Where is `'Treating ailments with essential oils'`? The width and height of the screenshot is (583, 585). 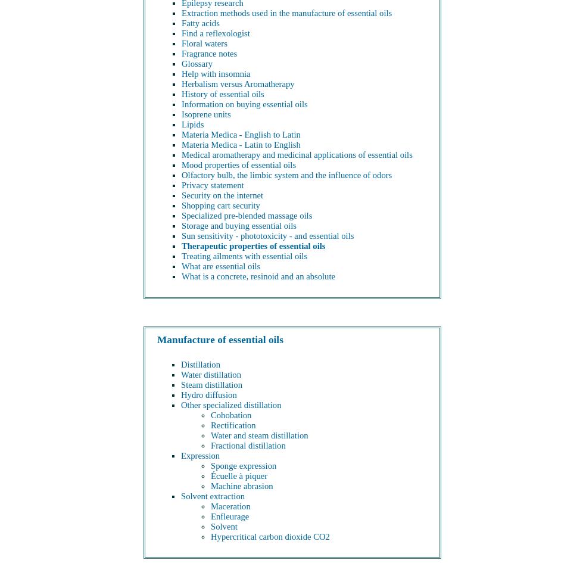
'Treating ailments with essential oils' is located at coordinates (244, 256).